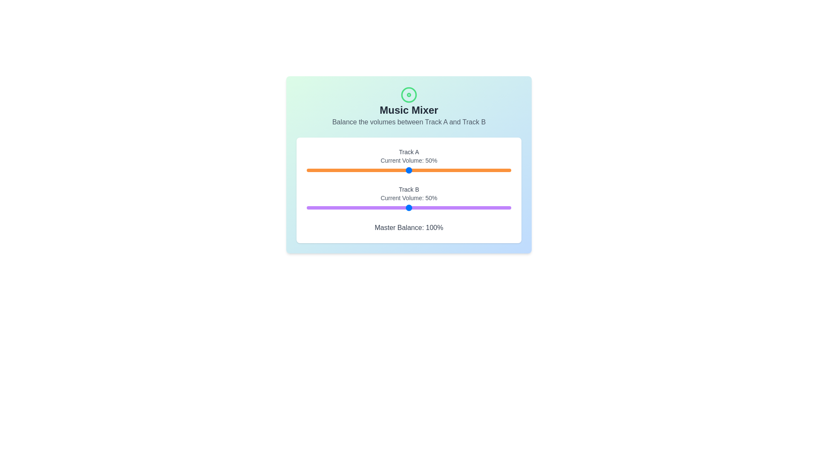 The image size is (818, 460). What do you see at coordinates (415, 170) in the screenshot?
I see `the volume for Track A to 53% by interacting with the slider` at bounding box center [415, 170].